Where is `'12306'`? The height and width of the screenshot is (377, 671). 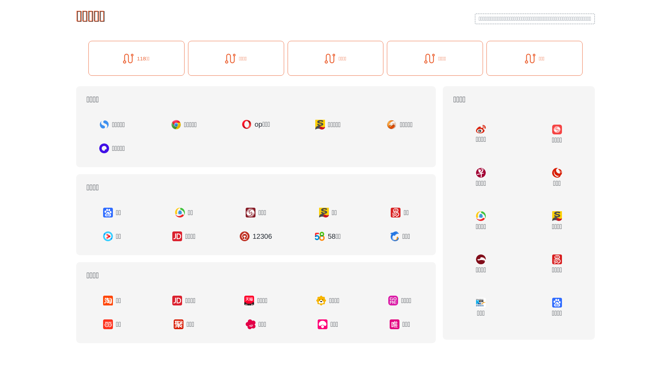 '12306' is located at coordinates (255, 236).